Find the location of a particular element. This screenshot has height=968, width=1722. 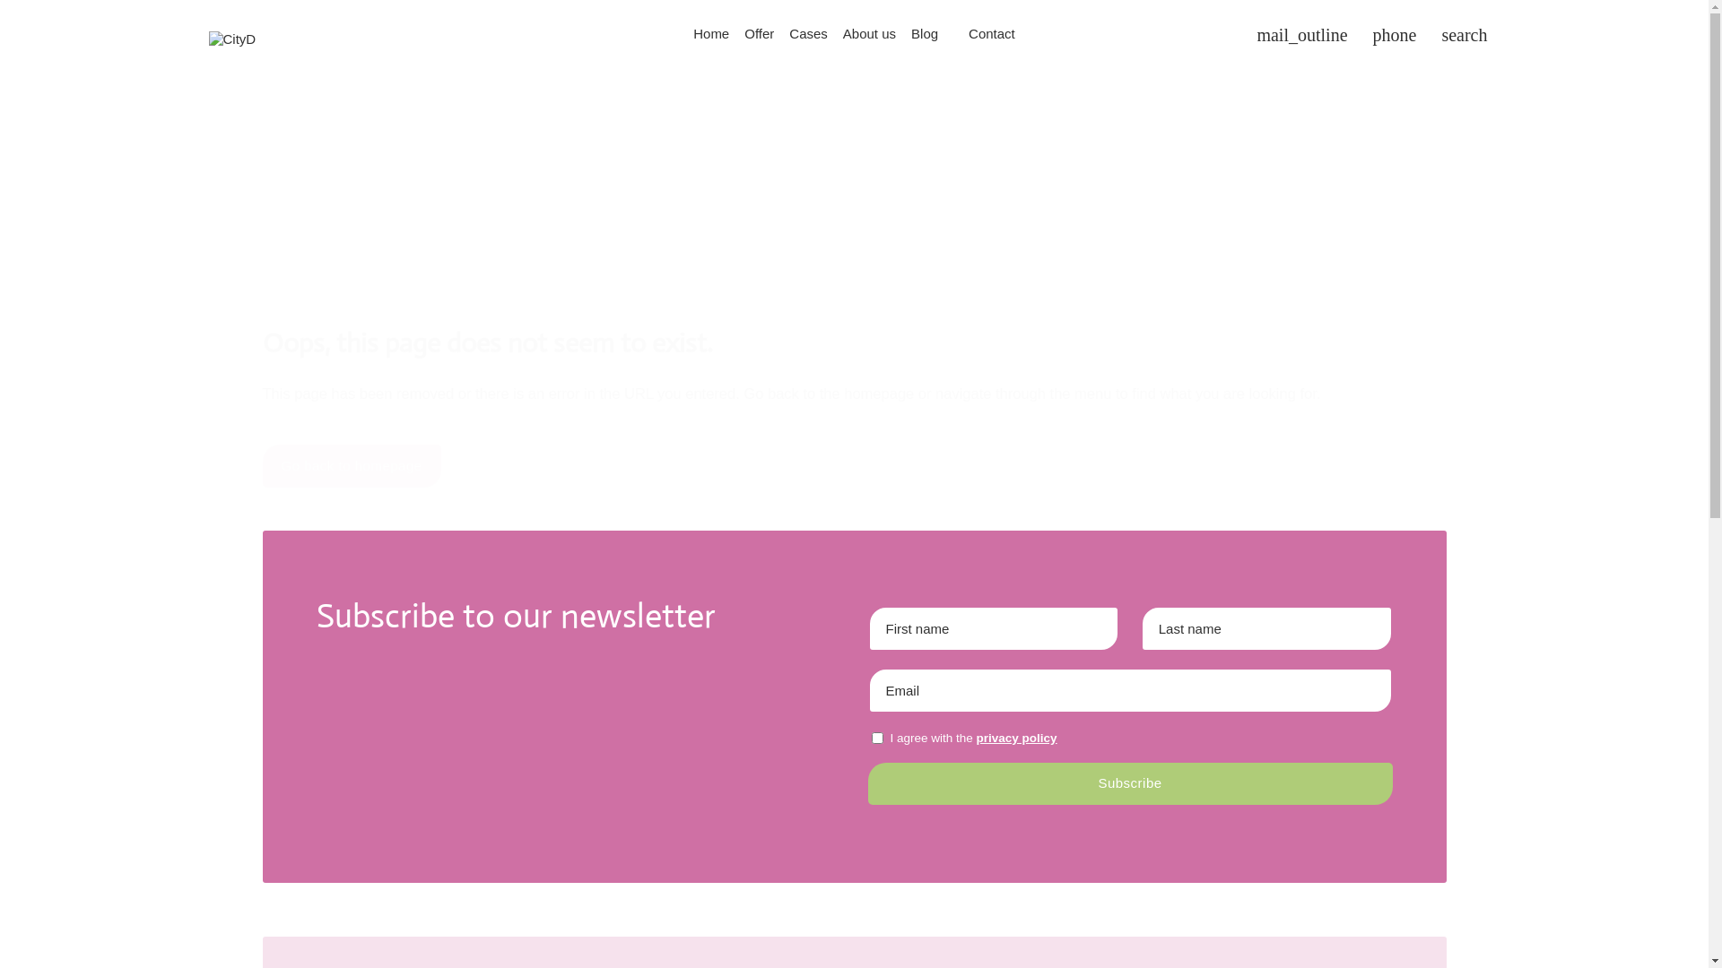

'phone' is located at coordinates (1394, 34).